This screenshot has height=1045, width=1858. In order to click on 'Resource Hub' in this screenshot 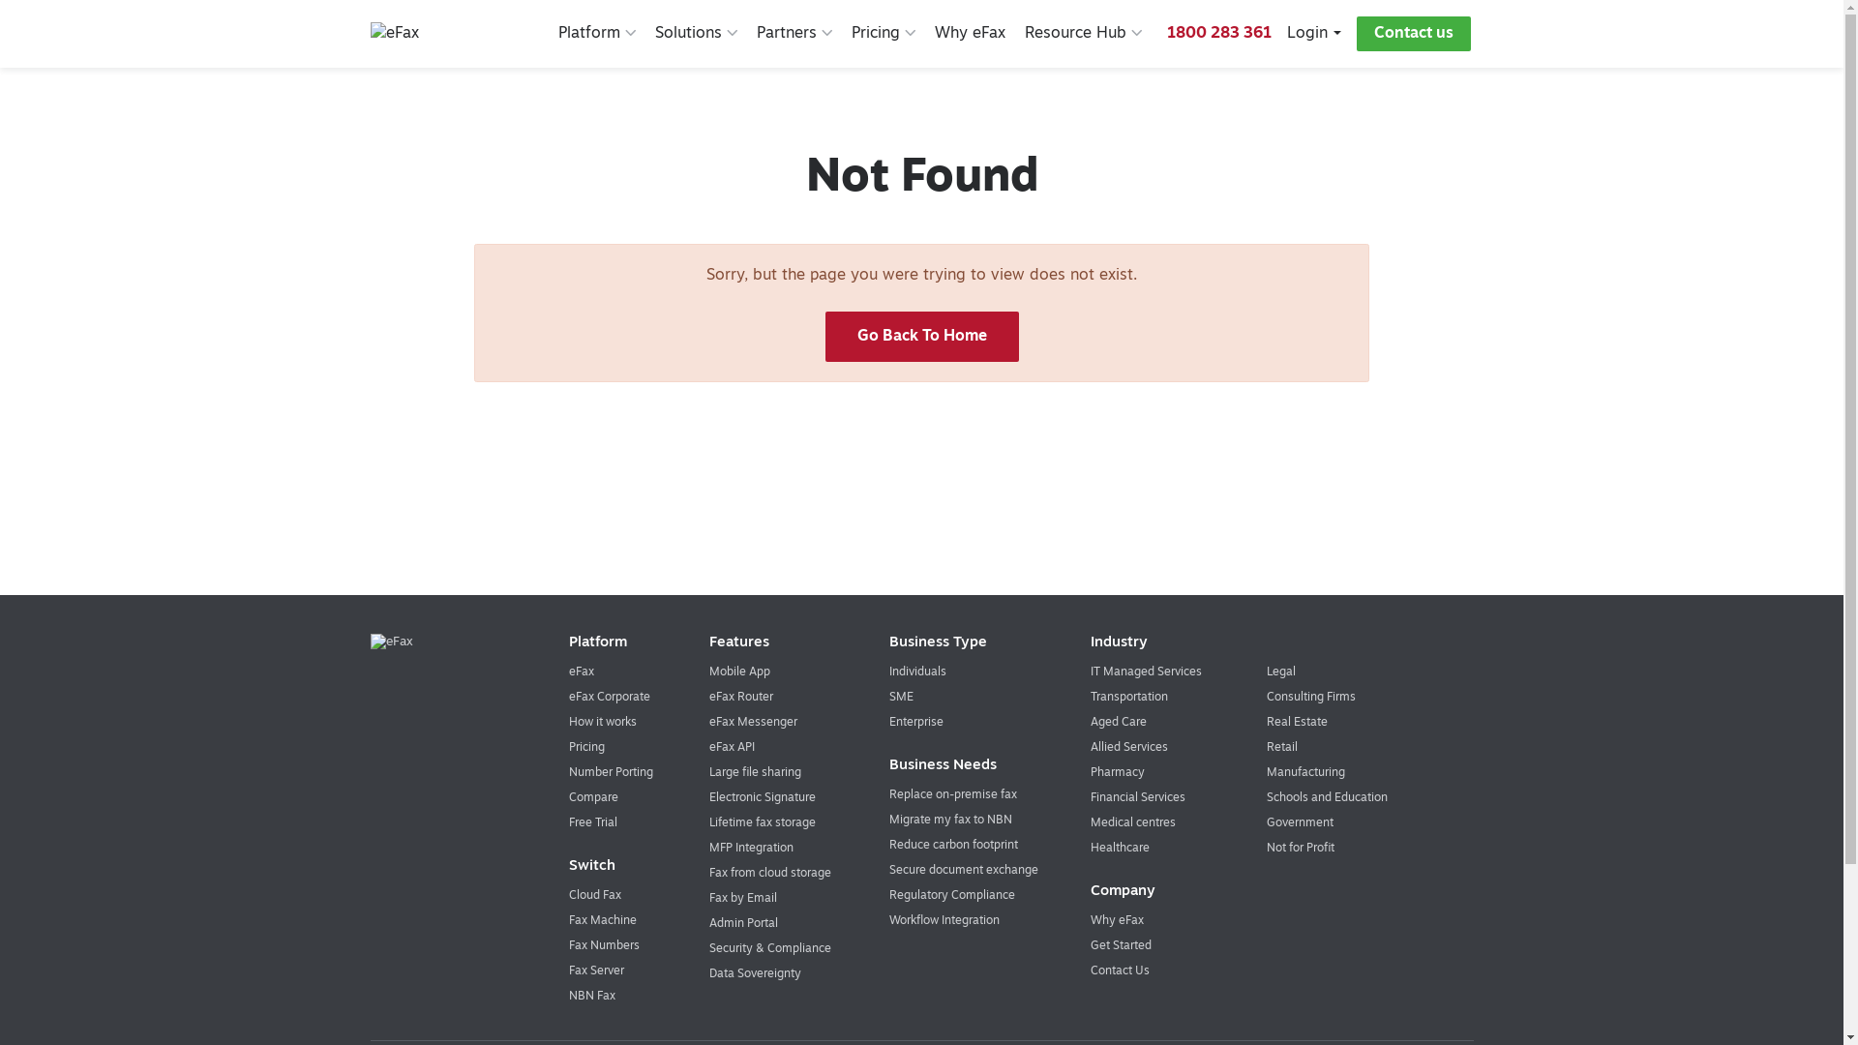, I will do `click(1024, 33)`.